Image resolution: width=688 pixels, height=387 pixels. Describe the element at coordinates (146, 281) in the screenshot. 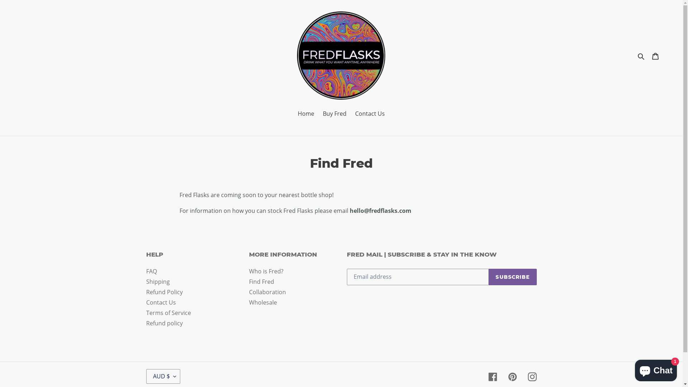

I see `'Shipping'` at that location.